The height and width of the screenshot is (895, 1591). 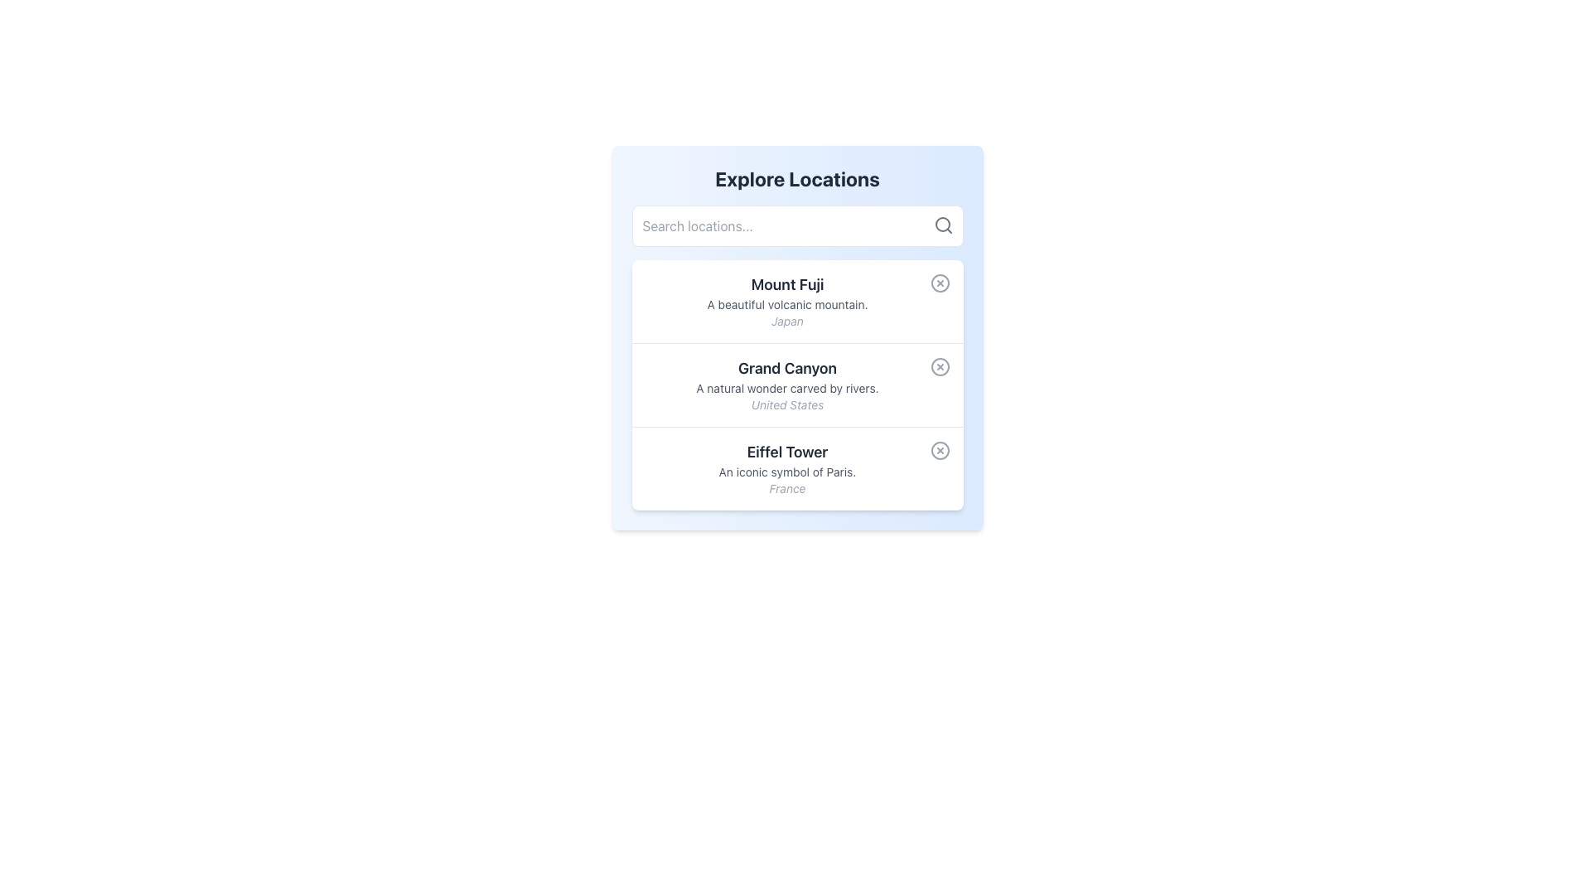 What do you see at coordinates (940, 283) in the screenshot?
I see `the circular icon with a cross inside, located to the right of the text 'Mount Fuji', to initiate the removal of the associated list item` at bounding box center [940, 283].